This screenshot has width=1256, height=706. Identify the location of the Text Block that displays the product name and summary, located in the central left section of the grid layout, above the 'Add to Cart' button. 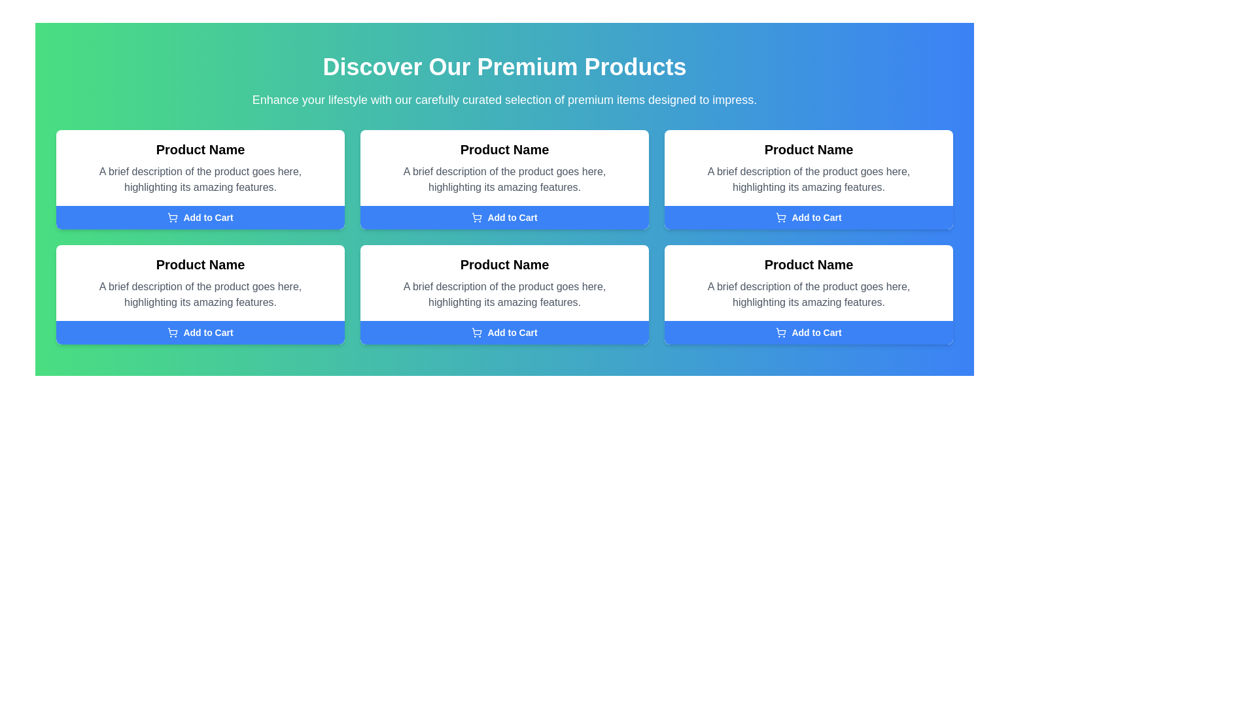
(200, 282).